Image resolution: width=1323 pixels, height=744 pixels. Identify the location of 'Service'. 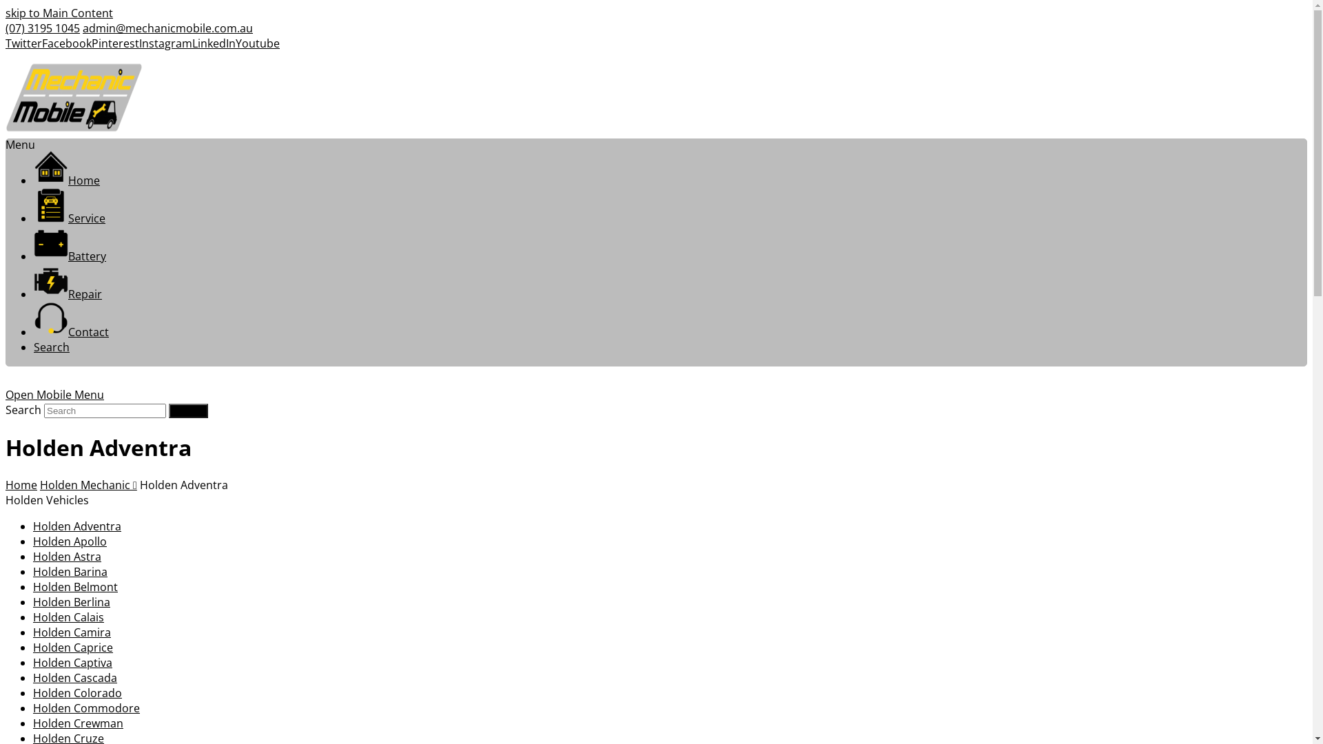
(68, 217).